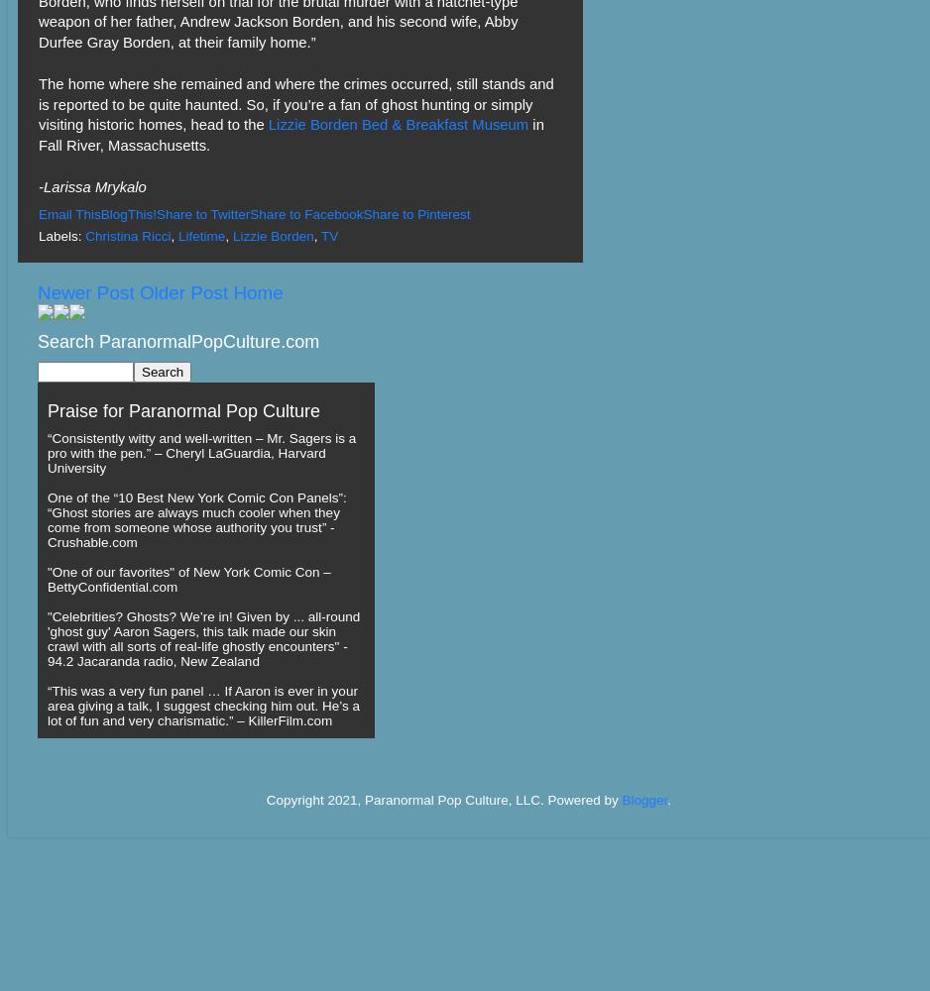 This screenshot has width=930, height=991. I want to click on 'Praise for Paranormal Pop Culture', so click(182, 411).